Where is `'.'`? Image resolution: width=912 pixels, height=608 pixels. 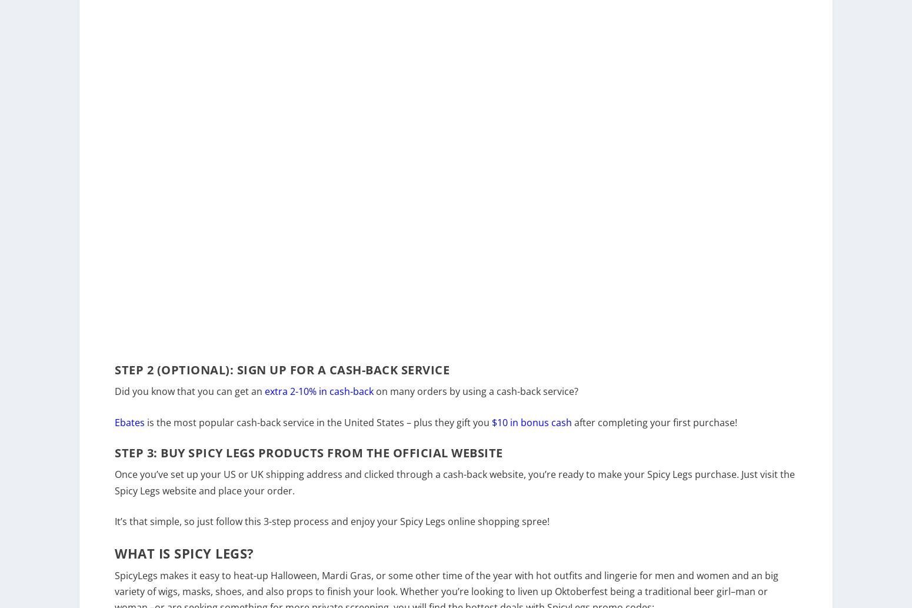 '.' is located at coordinates (292, 498).